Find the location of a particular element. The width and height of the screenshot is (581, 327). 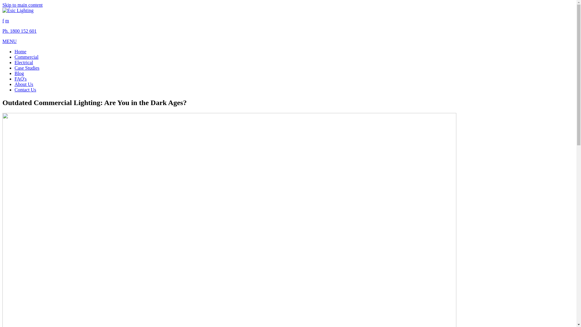

'm' is located at coordinates (7, 20).